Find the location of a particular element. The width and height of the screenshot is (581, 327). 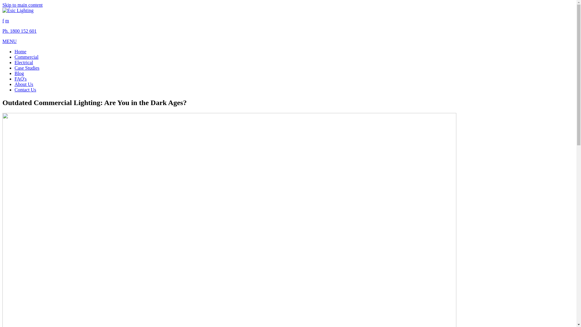

'm' is located at coordinates (7, 20).